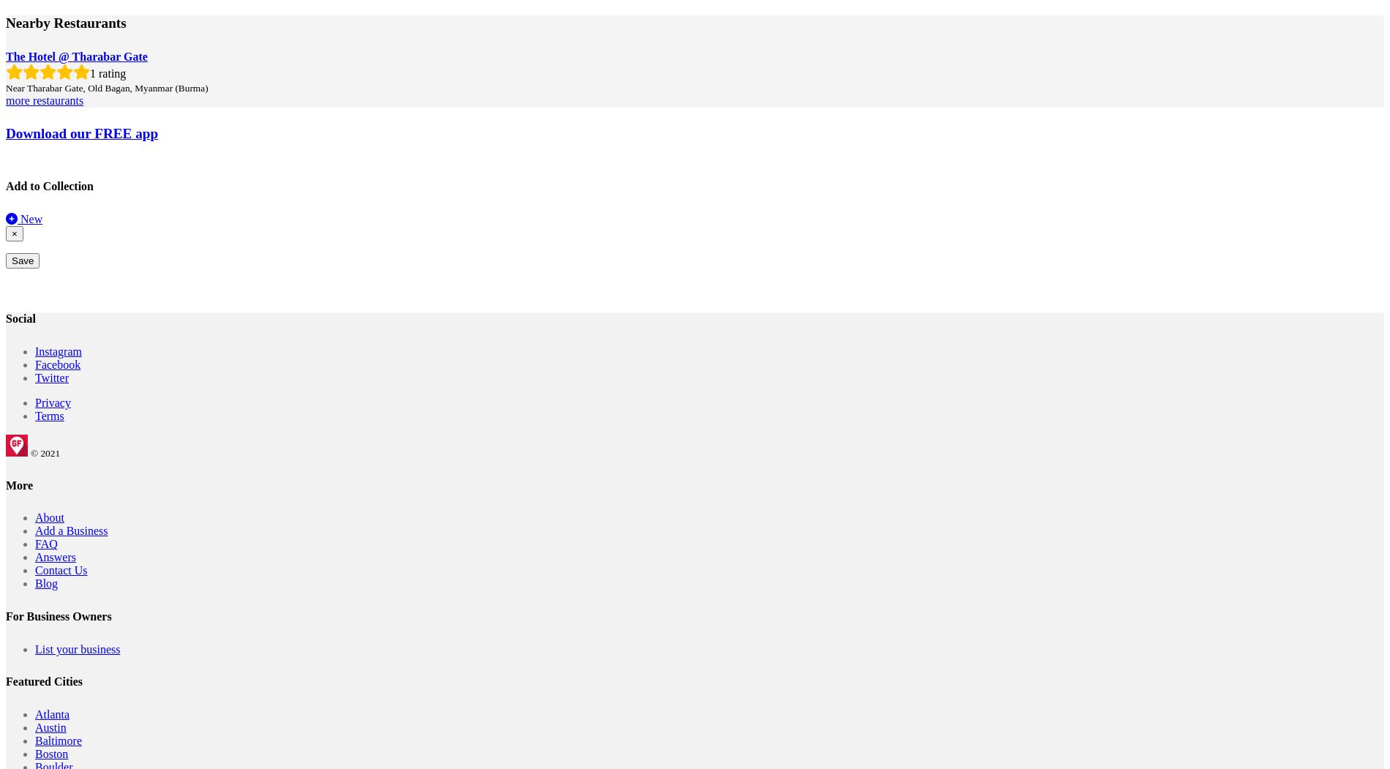 Image resolution: width=1390 pixels, height=769 pixels. Describe the element at coordinates (58, 364) in the screenshot. I see `'Facebook'` at that location.